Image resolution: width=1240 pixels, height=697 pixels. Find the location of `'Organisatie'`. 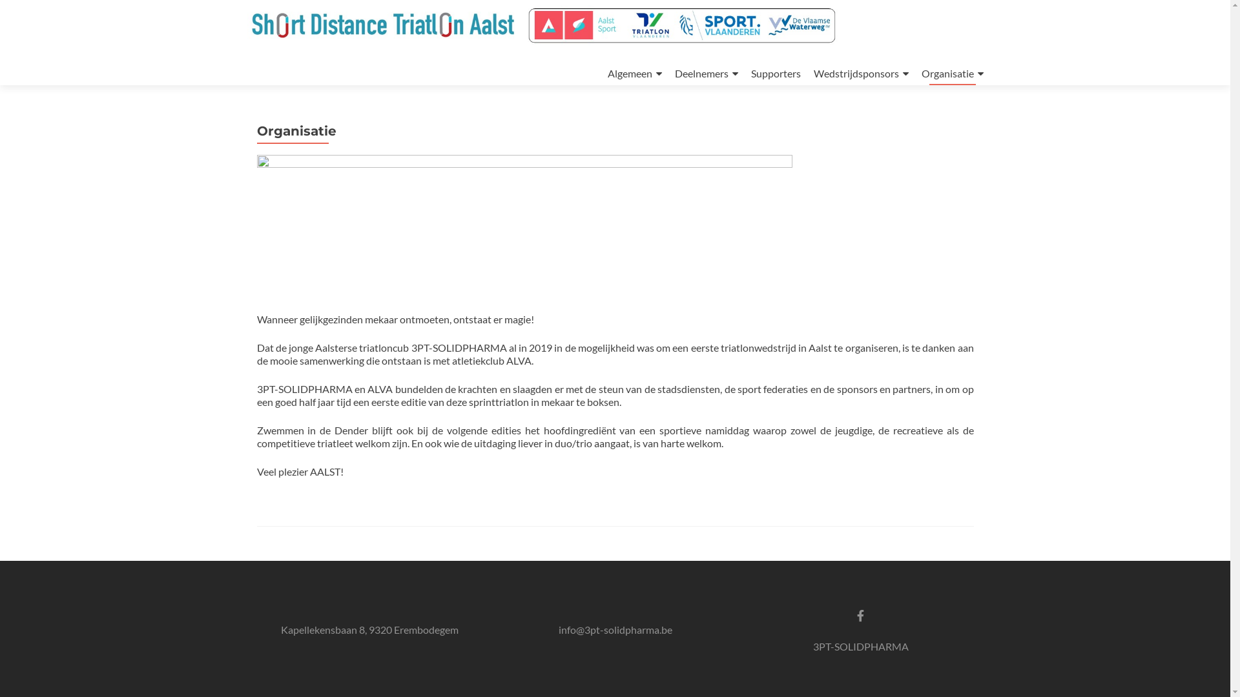

'Organisatie' is located at coordinates (951, 74).